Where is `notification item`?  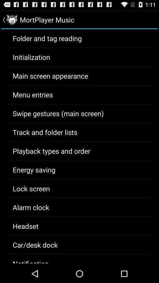
notification item is located at coordinates (31, 261).